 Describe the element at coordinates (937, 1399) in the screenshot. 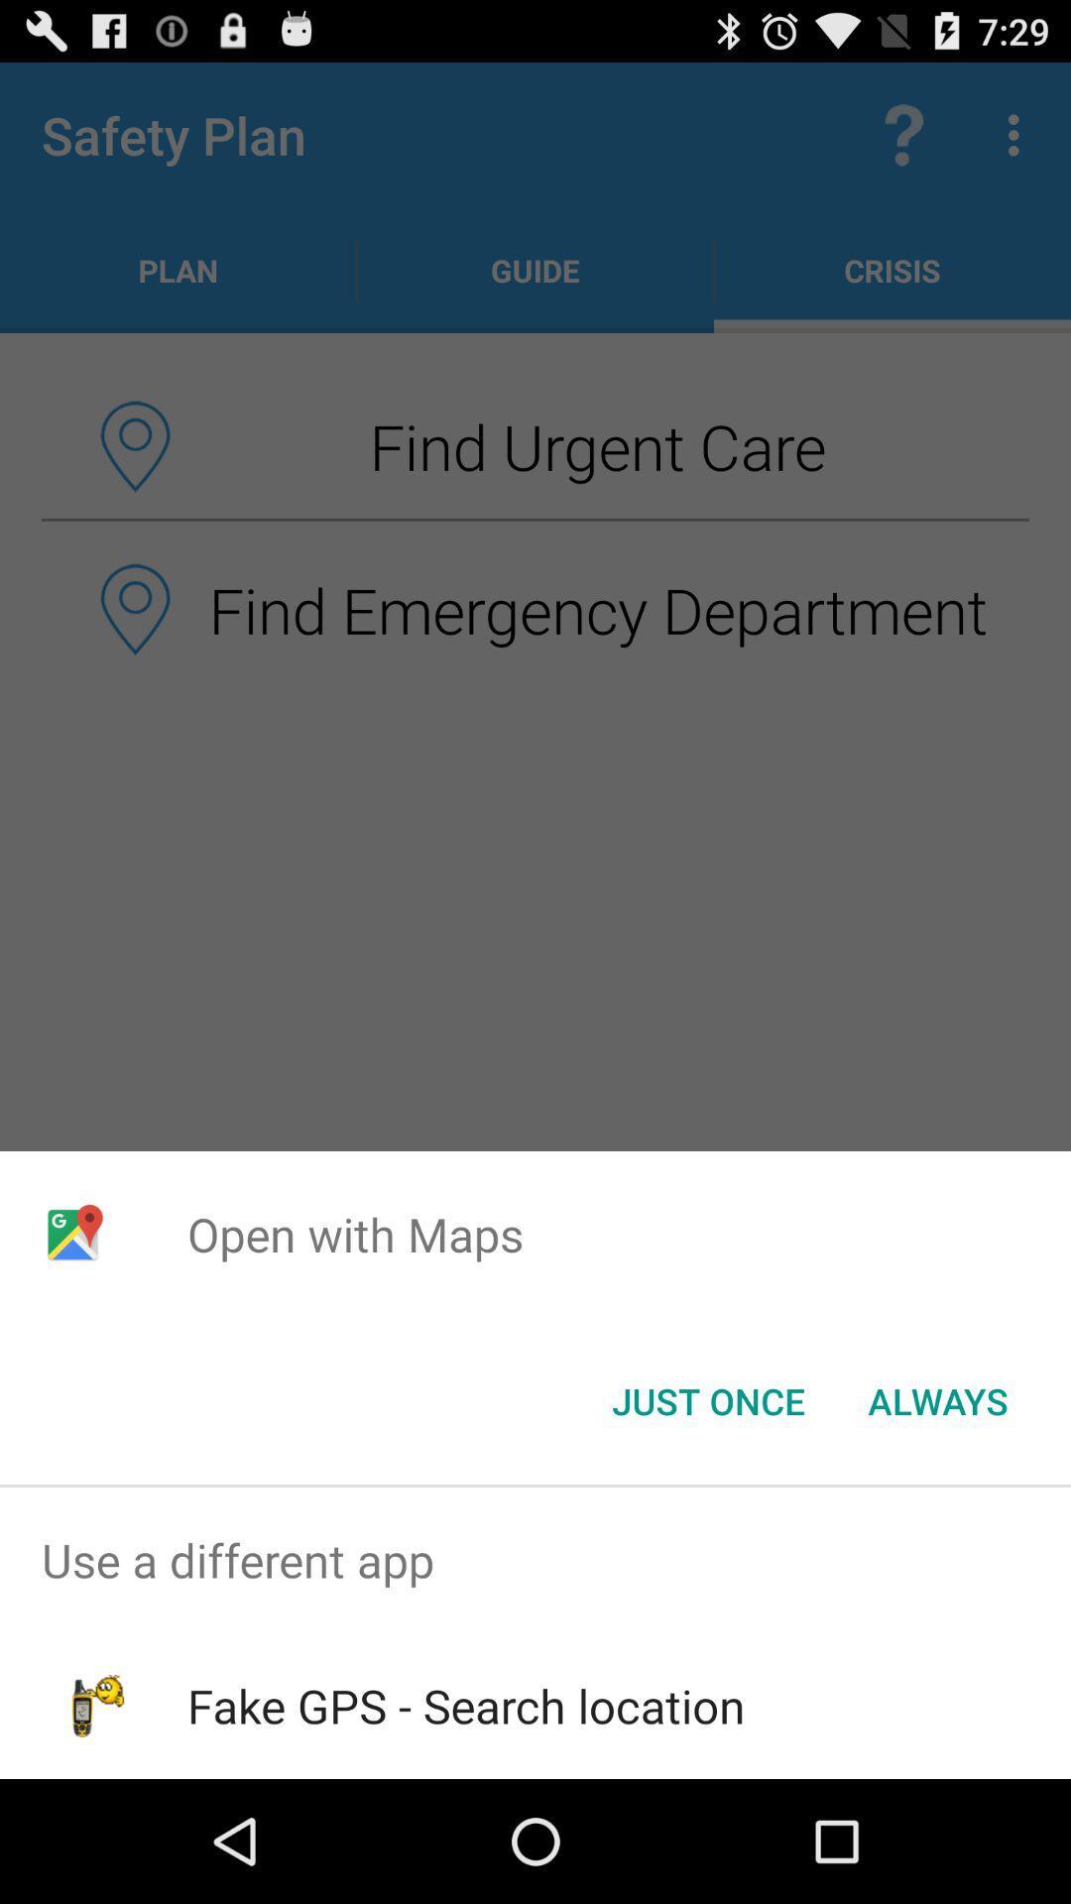

I see `item next to the just once` at that location.